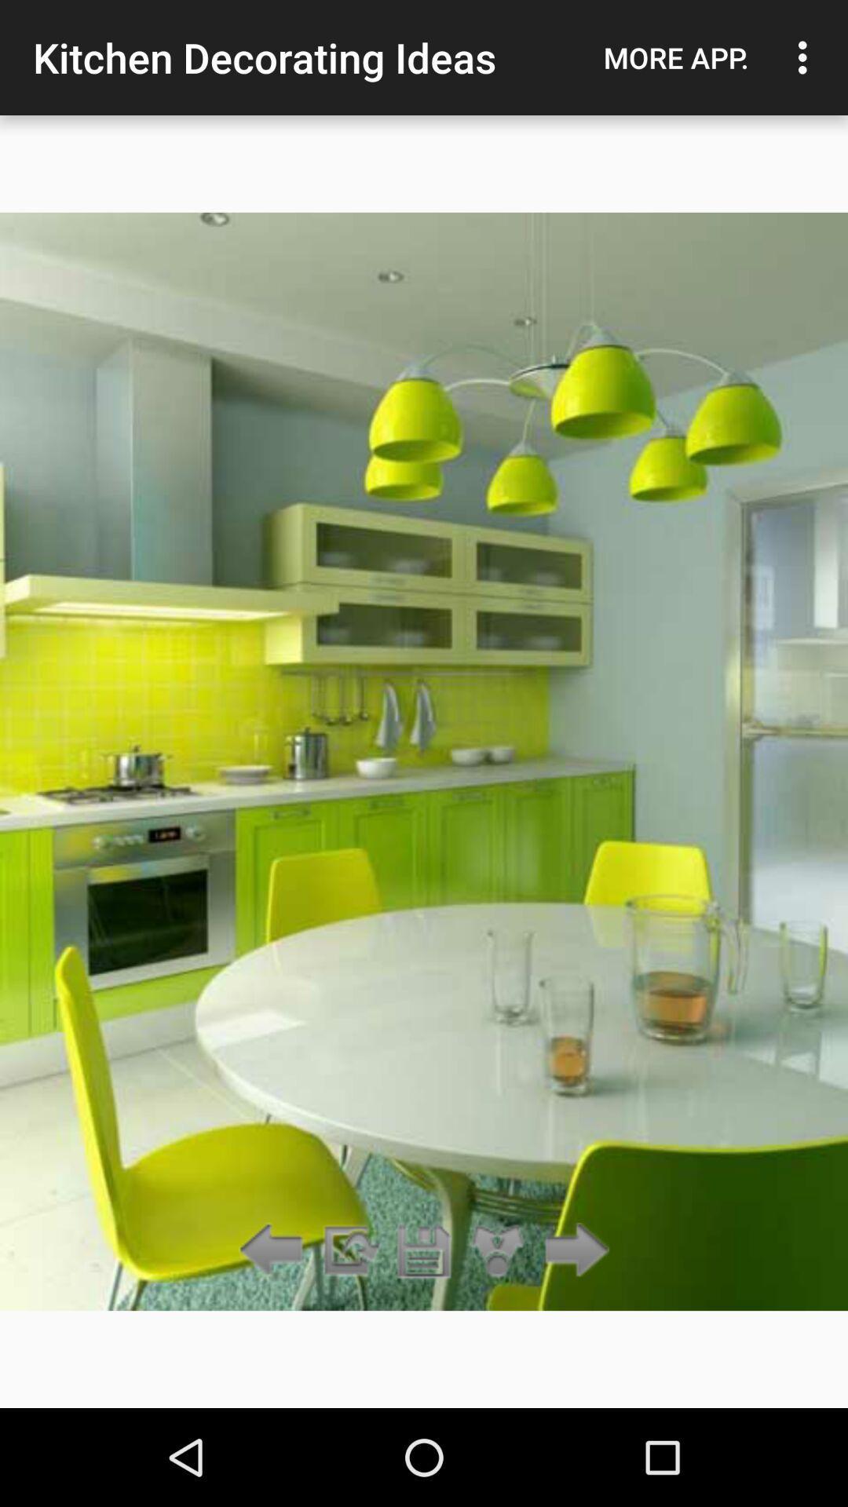  I want to click on icon below the kitchen decorating ideas icon, so click(498, 1250).